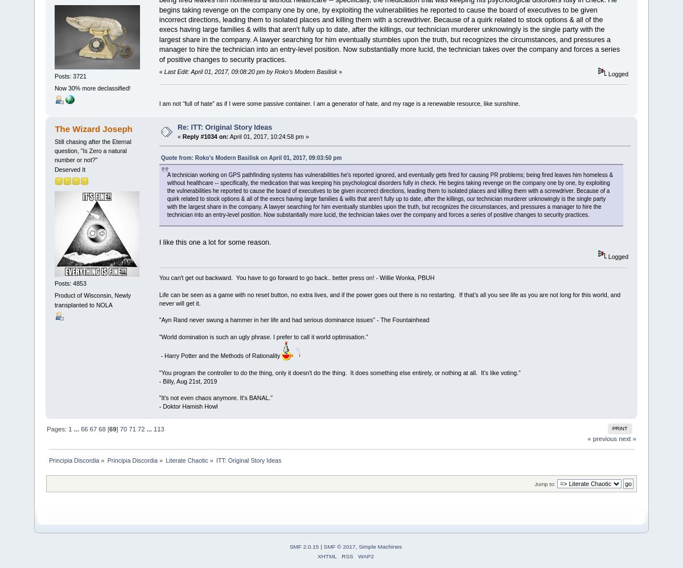 This screenshot has width=683, height=568. What do you see at coordinates (92, 150) in the screenshot?
I see `'Still chasing after the Eternal question, "Is Zero a natural number or not?"'` at bounding box center [92, 150].